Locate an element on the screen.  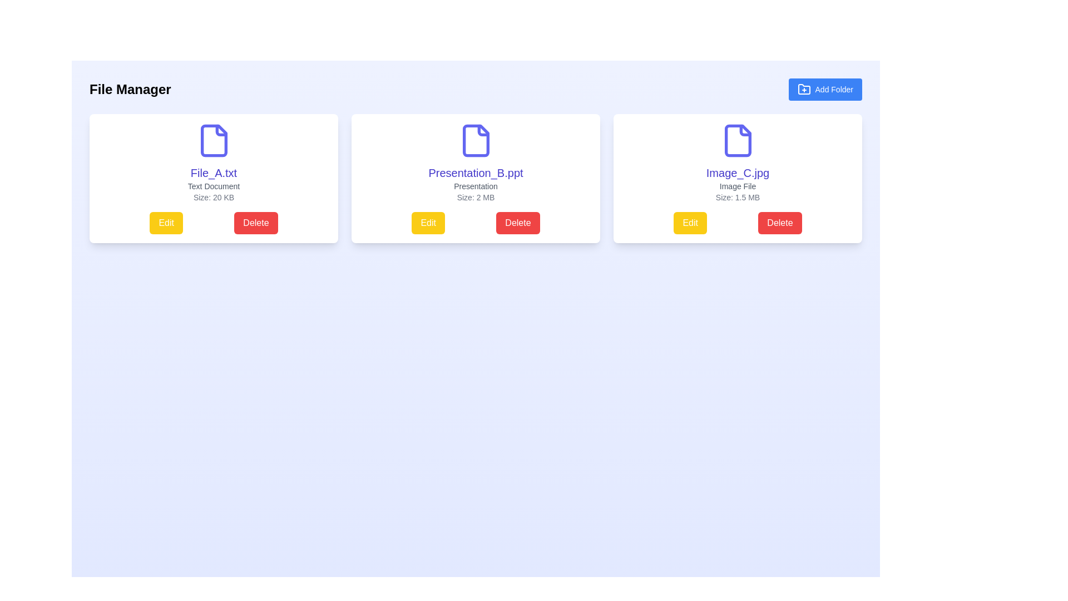
the static text label displaying 'Size: 20 KB', which is located beneath the 'Text Document' label in the lower-center region of the card for 'File_A.txt' is located at coordinates (214, 196).